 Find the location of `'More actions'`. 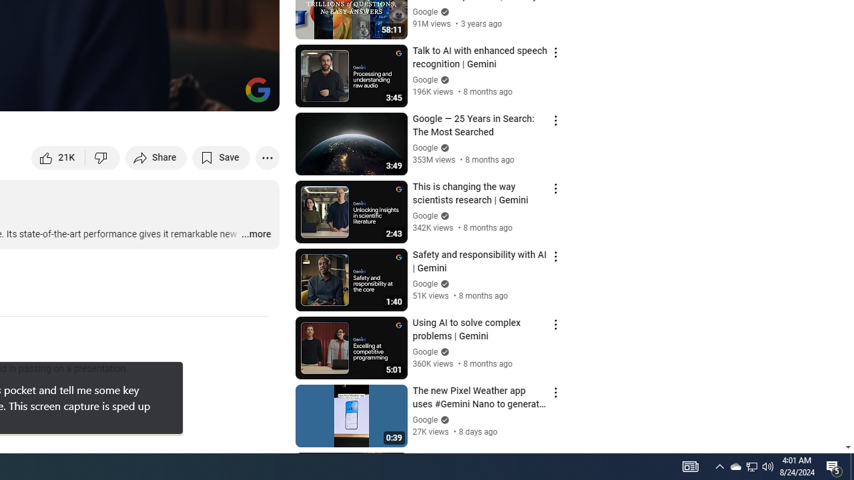

'More actions' is located at coordinates (267, 157).